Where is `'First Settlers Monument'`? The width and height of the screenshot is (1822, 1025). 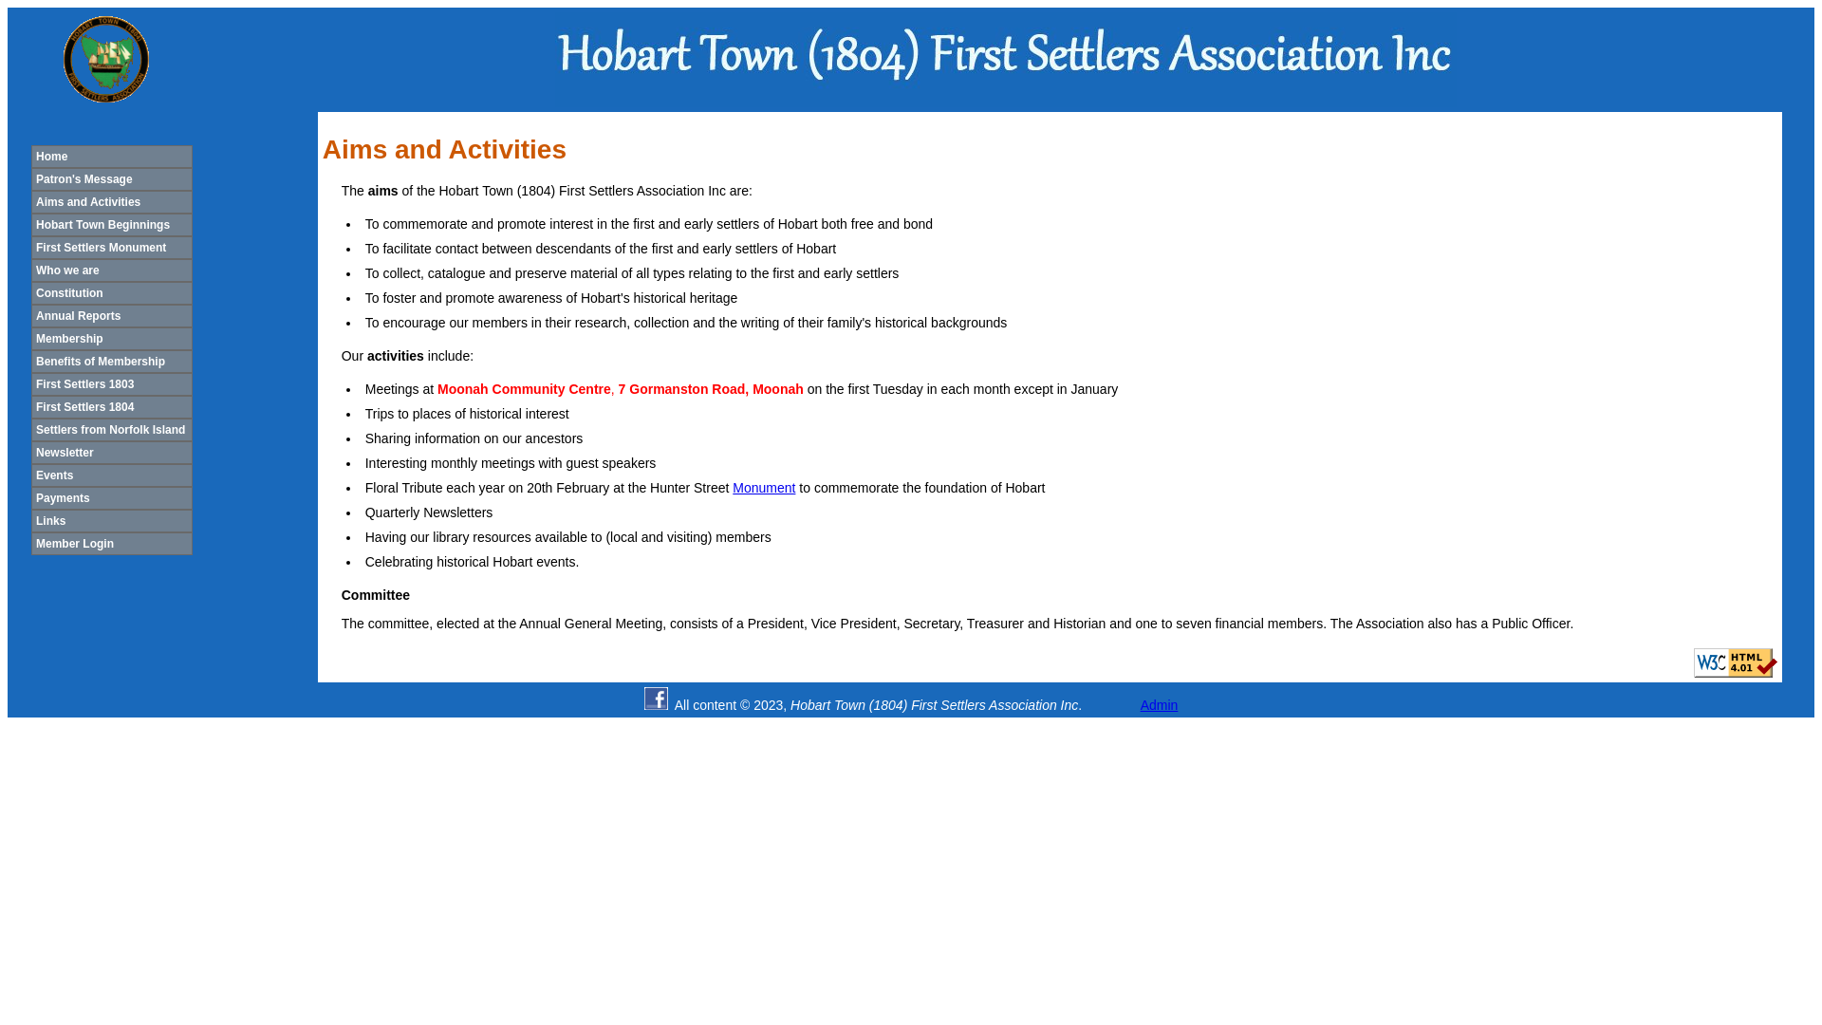 'First Settlers Monument' is located at coordinates (111, 247).